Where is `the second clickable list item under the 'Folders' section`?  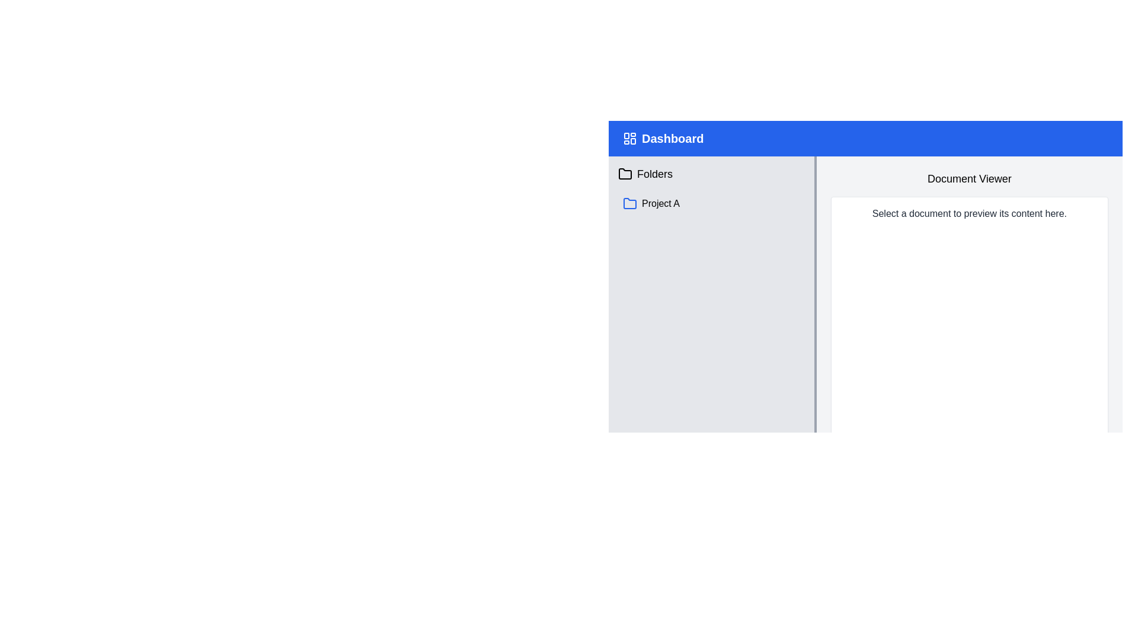
the second clickable list item under the 'Folders' section is located at coordinates (711, 203).